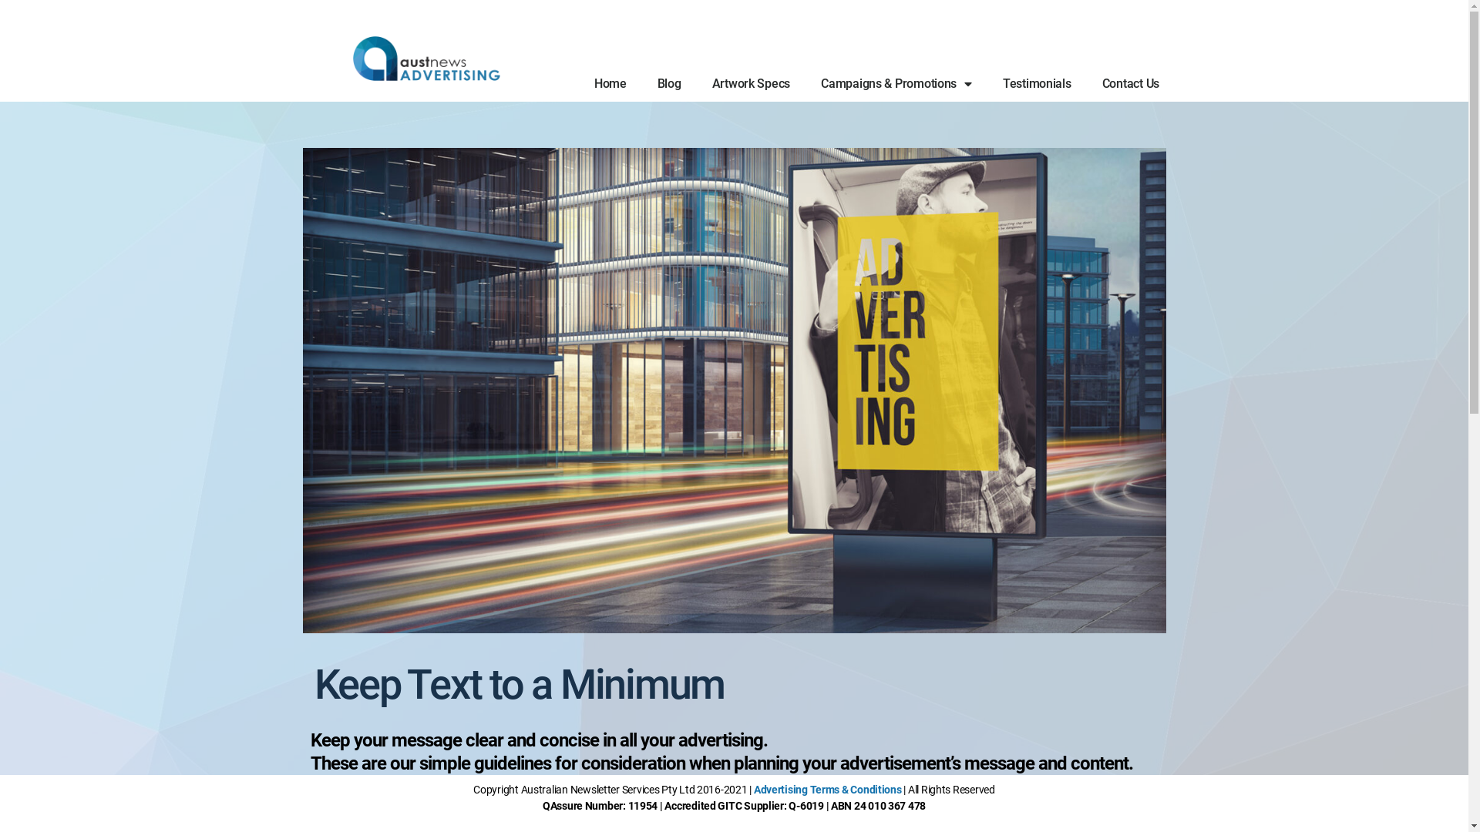 Image resolution: width=1480 pixels, height=832 pixels. Describe the element at coordinates (577, 83) in the screenshot. I see `'Home'` at that location.